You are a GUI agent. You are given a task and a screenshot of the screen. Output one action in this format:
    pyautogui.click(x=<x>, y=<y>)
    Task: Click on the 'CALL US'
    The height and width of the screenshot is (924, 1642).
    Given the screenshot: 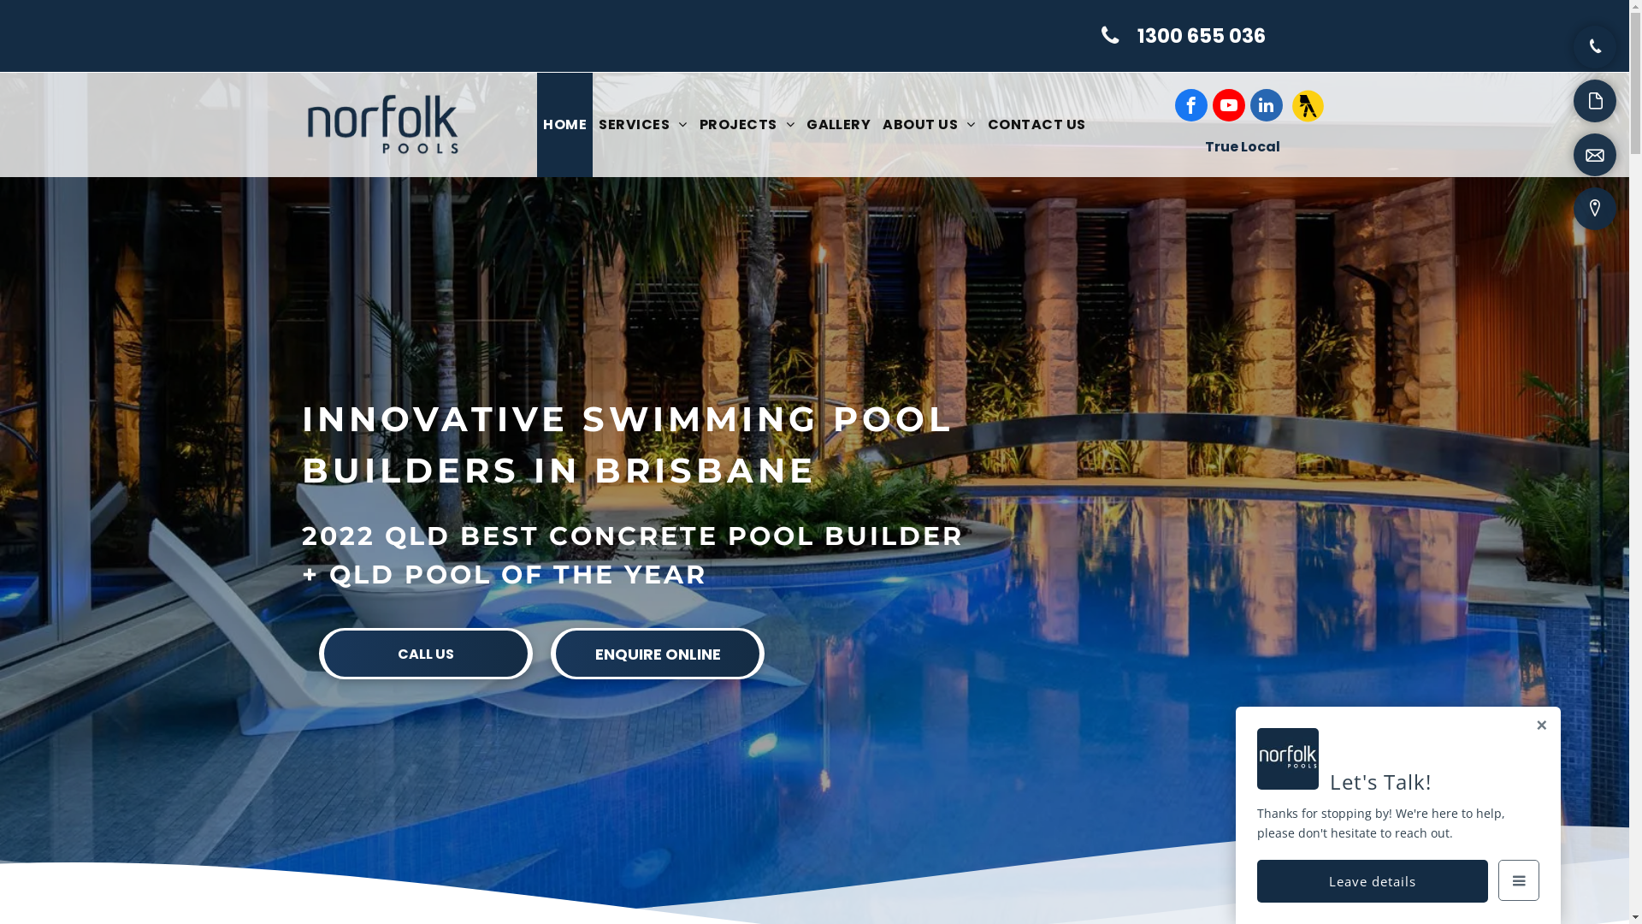 What is the action you would take?
    pyautogui.click(x=426, y=653)
    